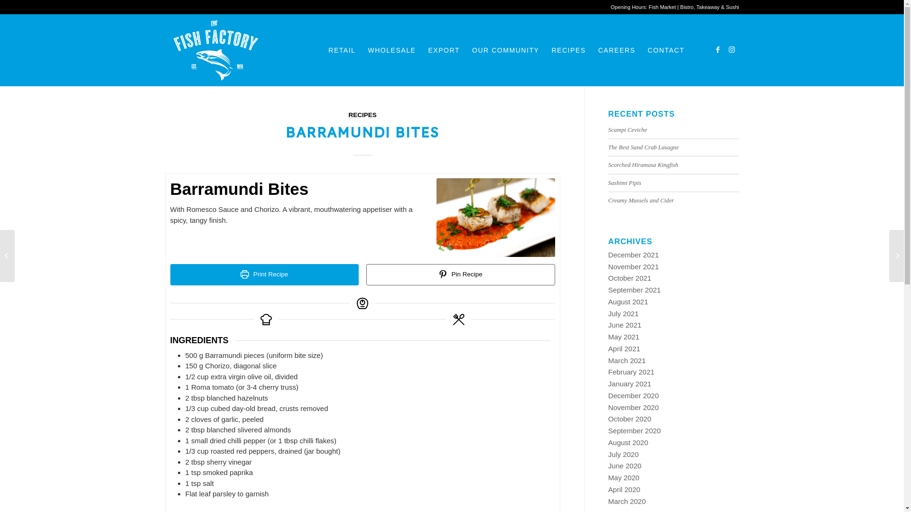  What do you see at coordinates (342, 50) in the screenshot?
I see `'RETAIL'` at bounding box center [342, 50].